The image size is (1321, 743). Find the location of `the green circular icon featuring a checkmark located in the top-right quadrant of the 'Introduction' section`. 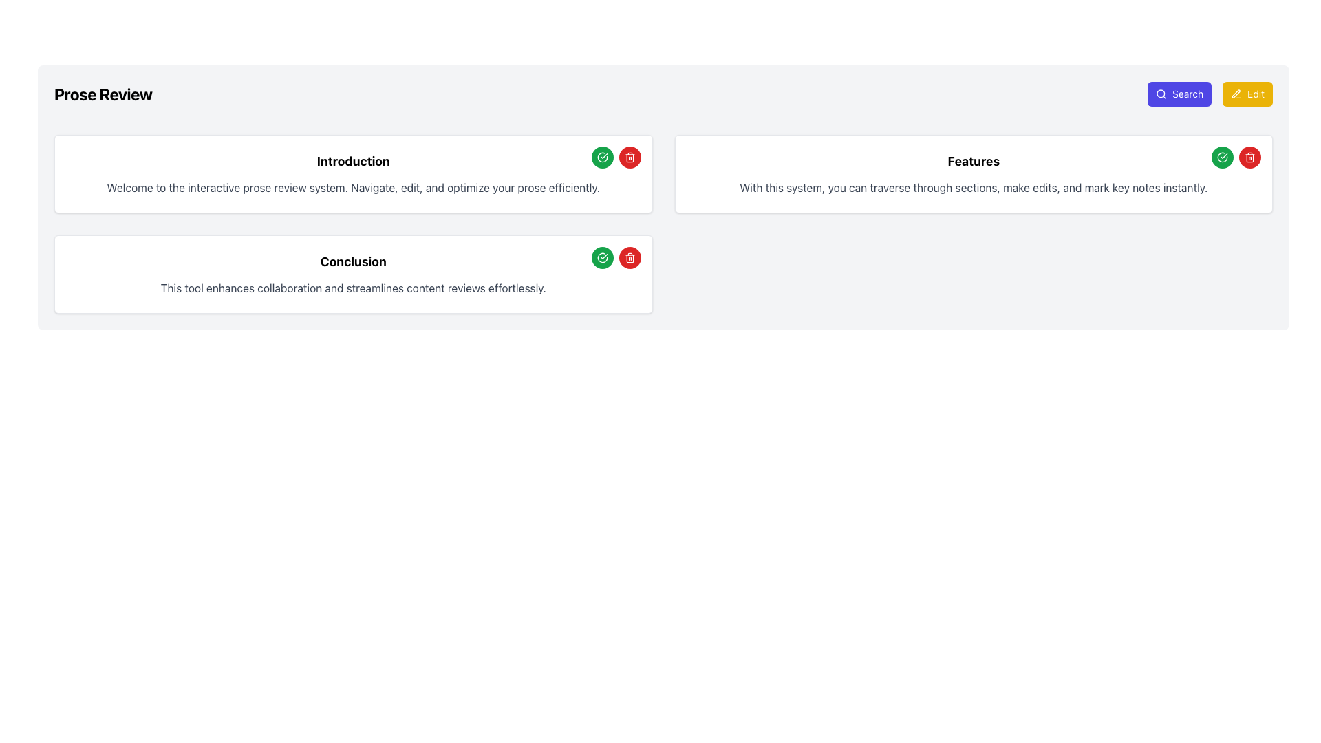

the green circular icon featuring a checkmark located in the top-right quadrant of the 'Introduction' section is located at coordinates (602, 257).